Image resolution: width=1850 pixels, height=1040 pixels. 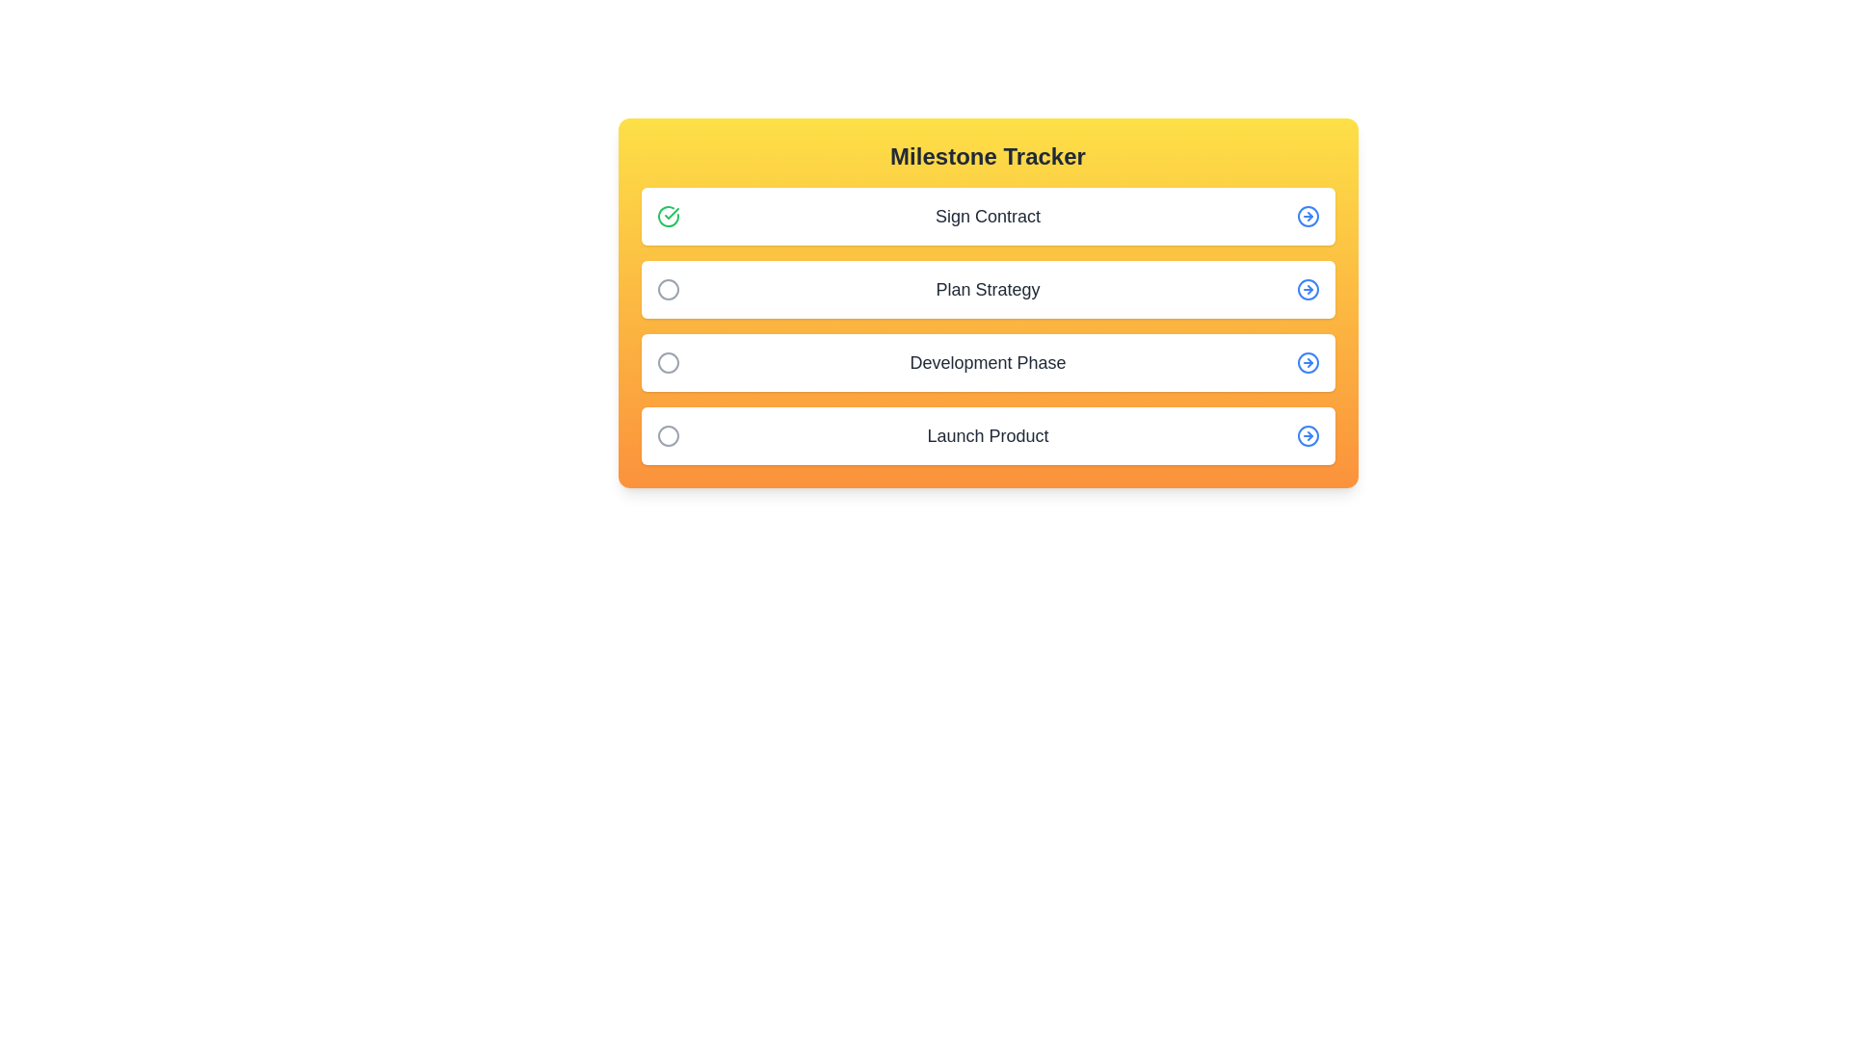 What do you see at coordinates (988, 155) in the screenshot?
I see `the centrally aligned title or header element with a gradient orange-yellow background at the top of the milestone tracker card` at bounding box center [988, 155].